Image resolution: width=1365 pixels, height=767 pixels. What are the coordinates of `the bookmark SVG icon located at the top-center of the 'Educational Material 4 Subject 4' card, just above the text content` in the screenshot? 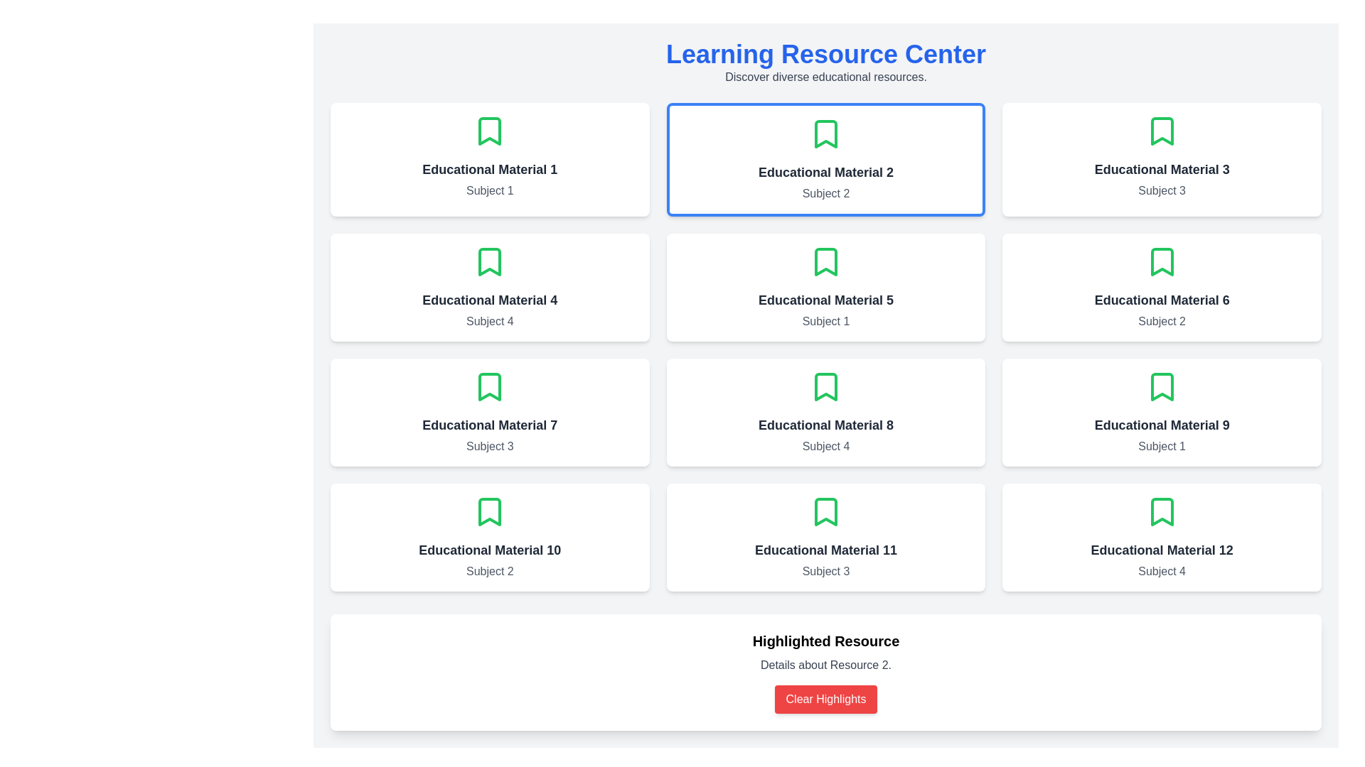 It's located at (490, 262).